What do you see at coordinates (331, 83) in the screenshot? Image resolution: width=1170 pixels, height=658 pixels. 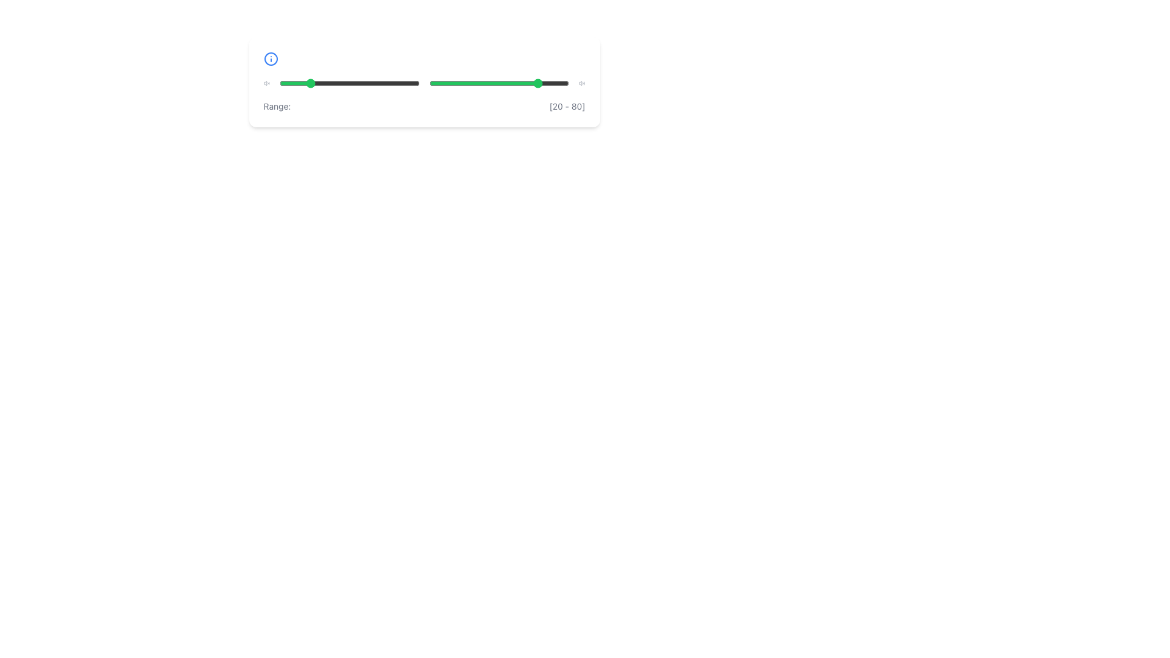 I see `the slider` at bounding box center [331, 83].